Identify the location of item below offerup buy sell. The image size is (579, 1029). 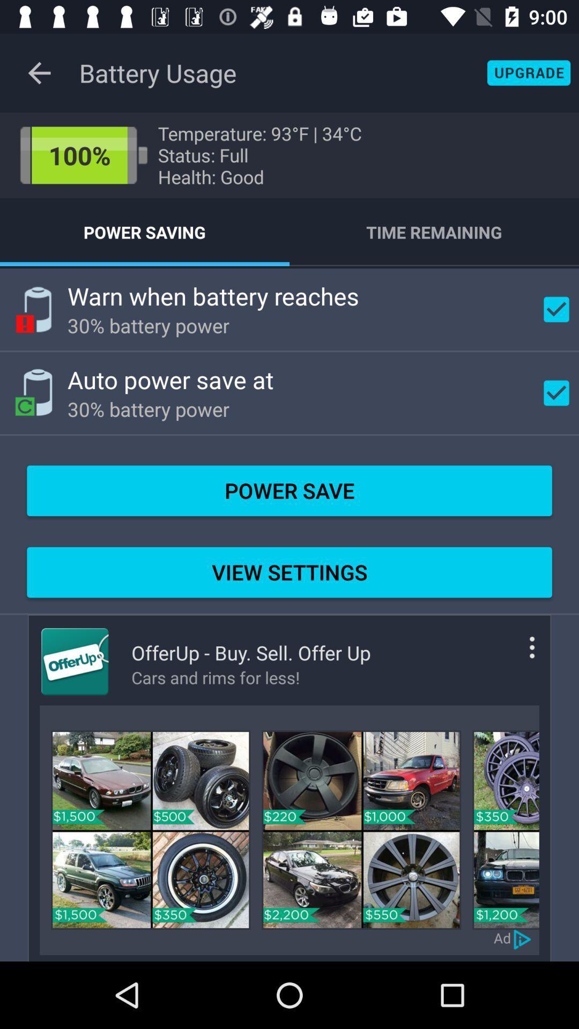
(251, 677).